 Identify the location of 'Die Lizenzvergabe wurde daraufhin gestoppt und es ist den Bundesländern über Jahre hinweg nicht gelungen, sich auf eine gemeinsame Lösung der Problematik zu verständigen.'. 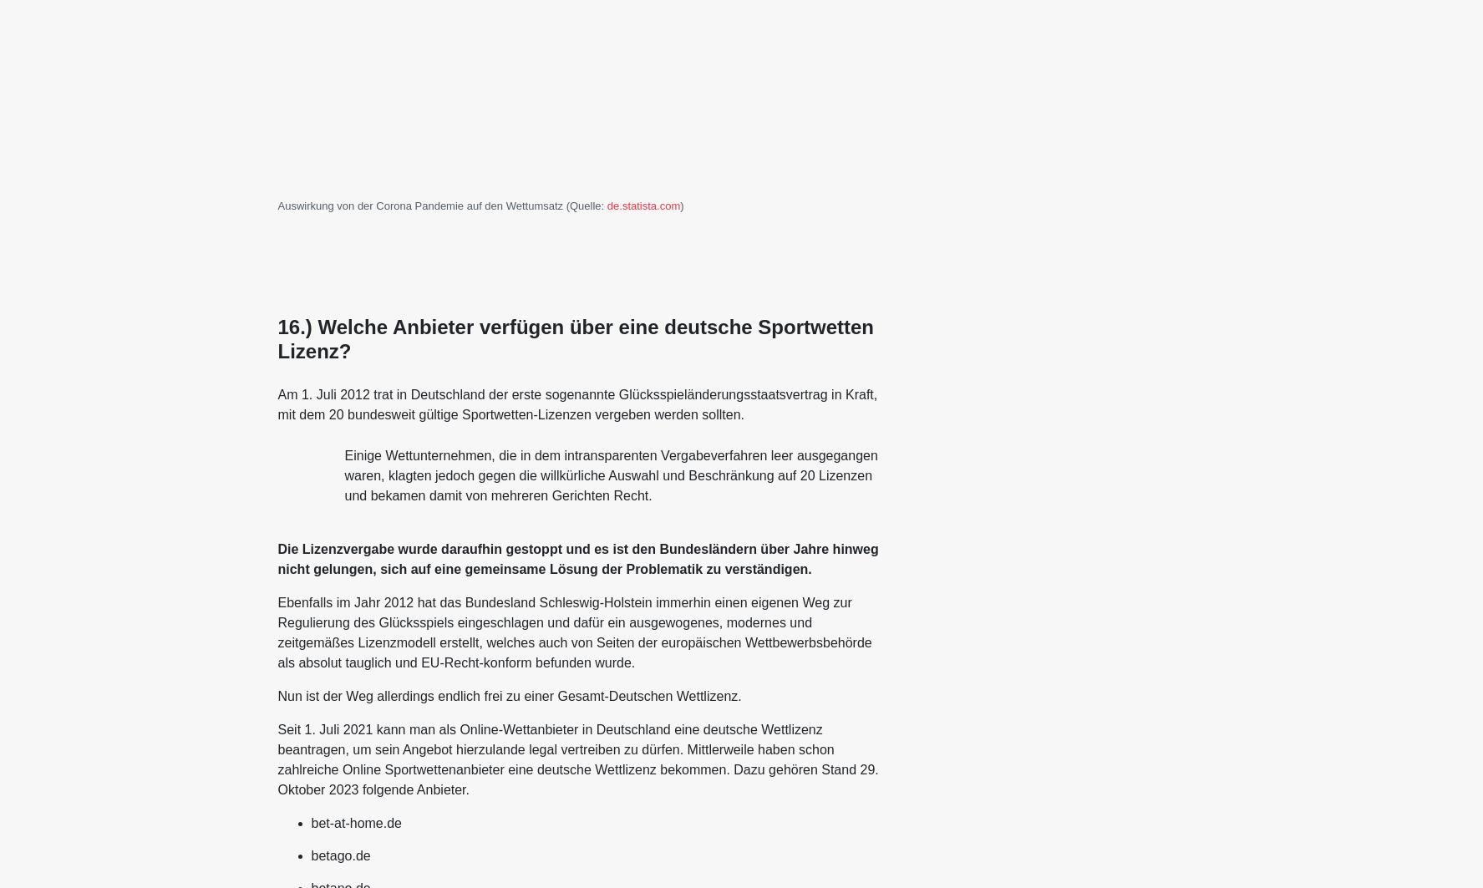
(576, 557).